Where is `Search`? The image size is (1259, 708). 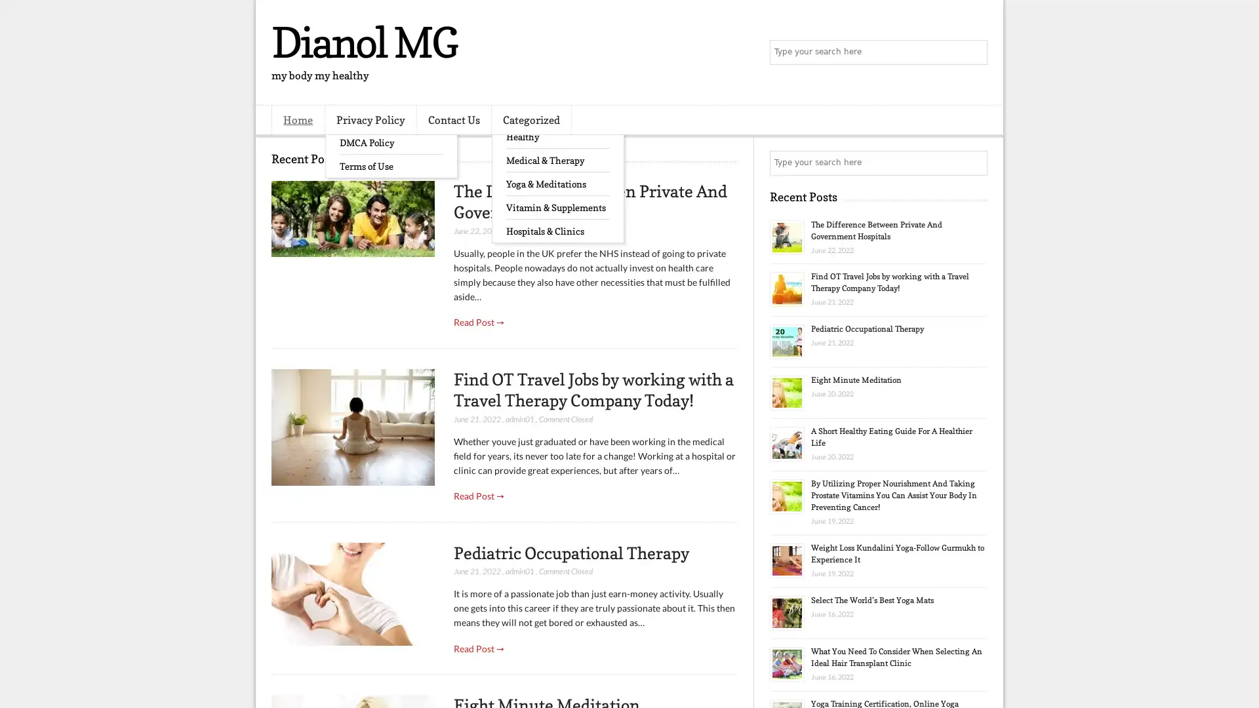 Search is located at coordinates (974, 163).